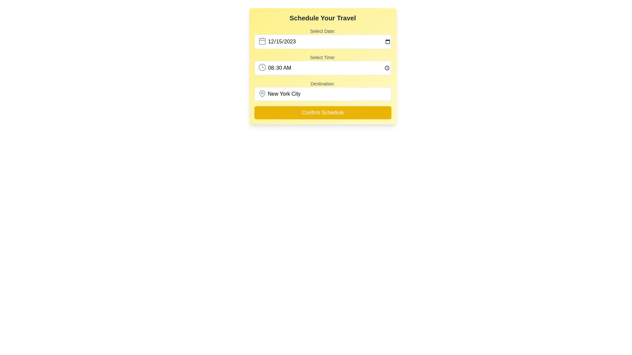  I want to click on the Static Text Label that provides context for the time selection input field, located near the top center of the form area between the 'Select Date:' label and the time input field, so click(323, 57).